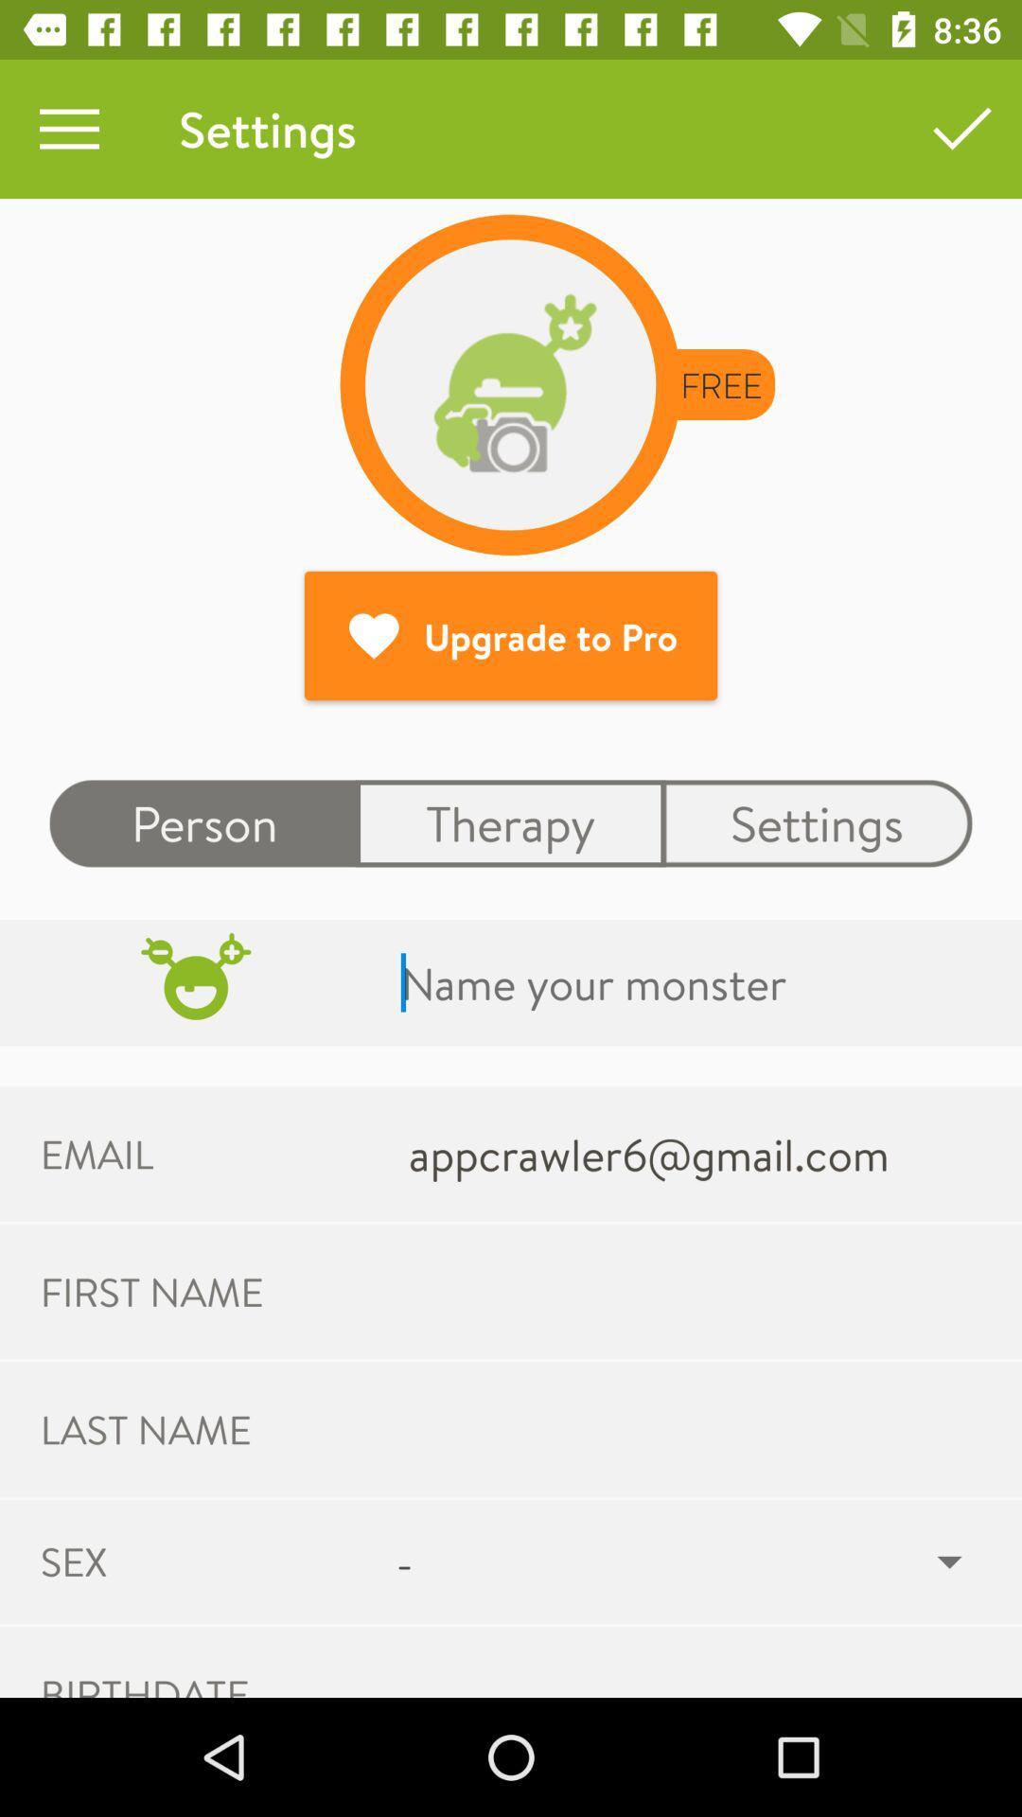 This screenshot has width=1022, height=1817. Describe the element at coordinates (693, 1429) in the screenshot. I see `the last name` at that location.